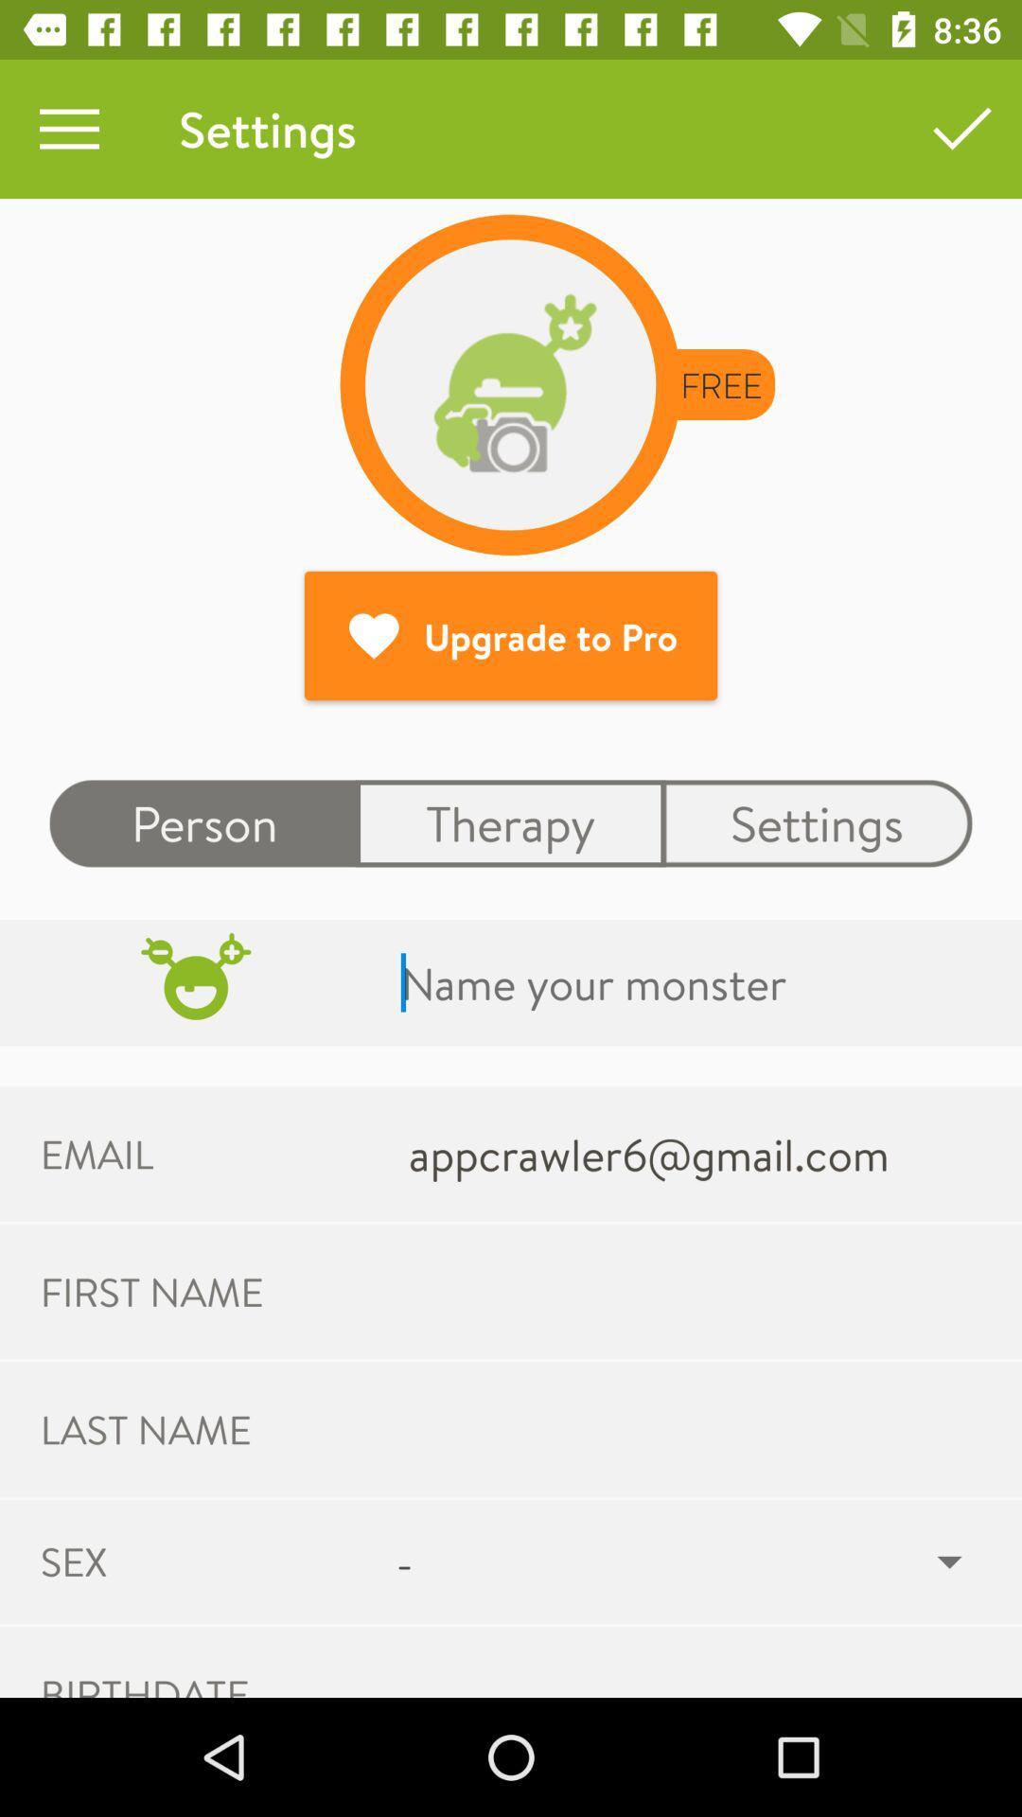 This screenshot has width=1022, height=1817. Describe the element at coordinates (693, 1429) in the screenshot. I see `the last name` at that location.